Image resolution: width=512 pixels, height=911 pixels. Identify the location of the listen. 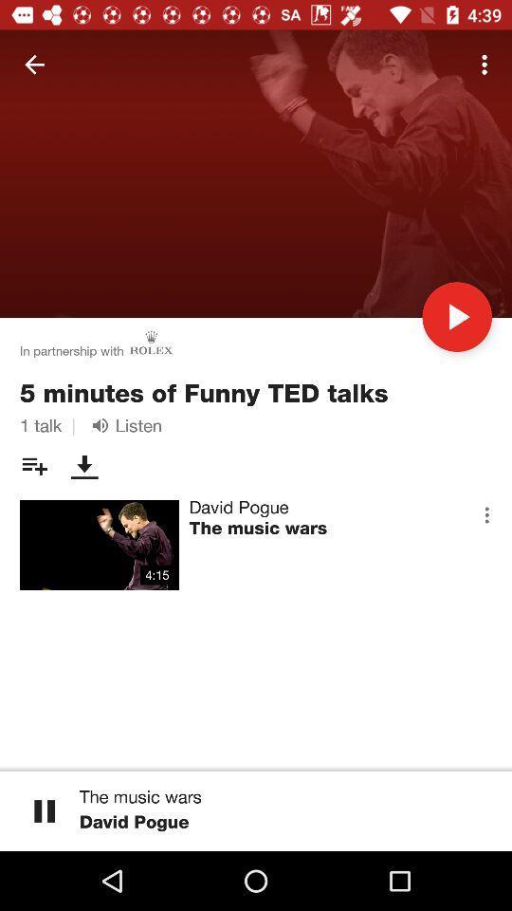
(123, 425).